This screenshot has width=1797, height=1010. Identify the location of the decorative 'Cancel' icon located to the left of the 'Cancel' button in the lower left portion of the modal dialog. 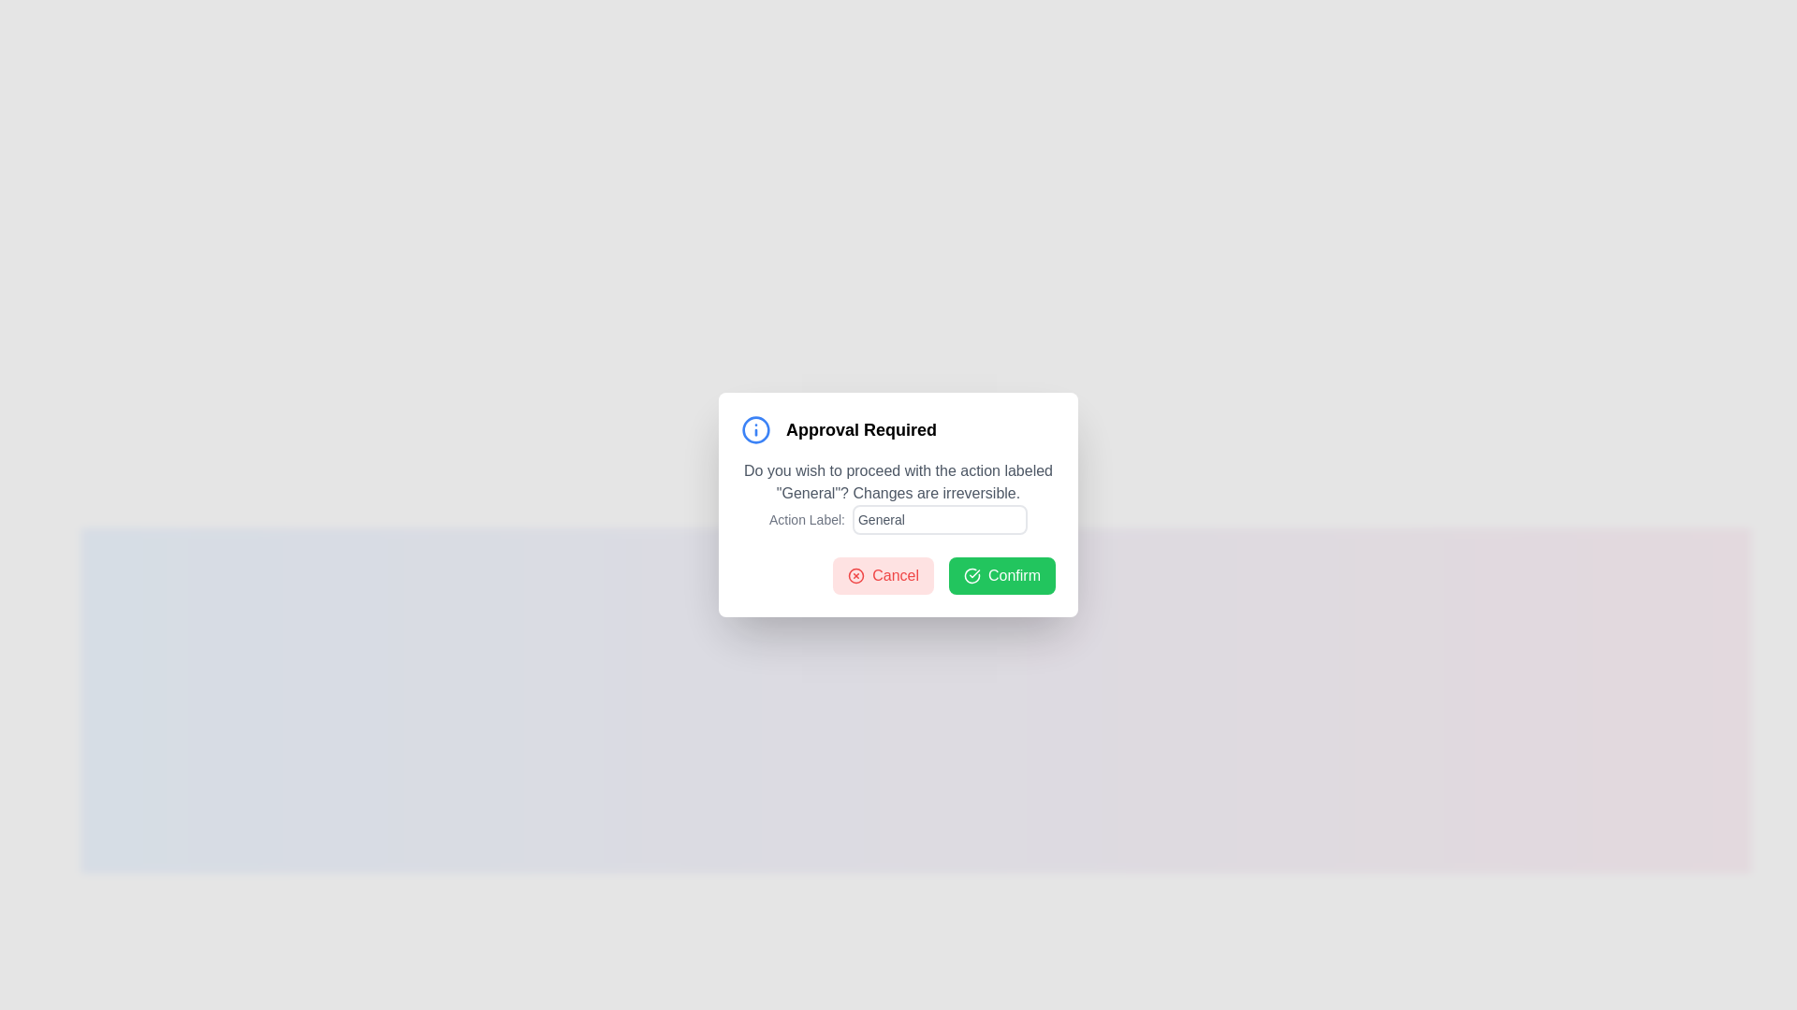
(855, 575).